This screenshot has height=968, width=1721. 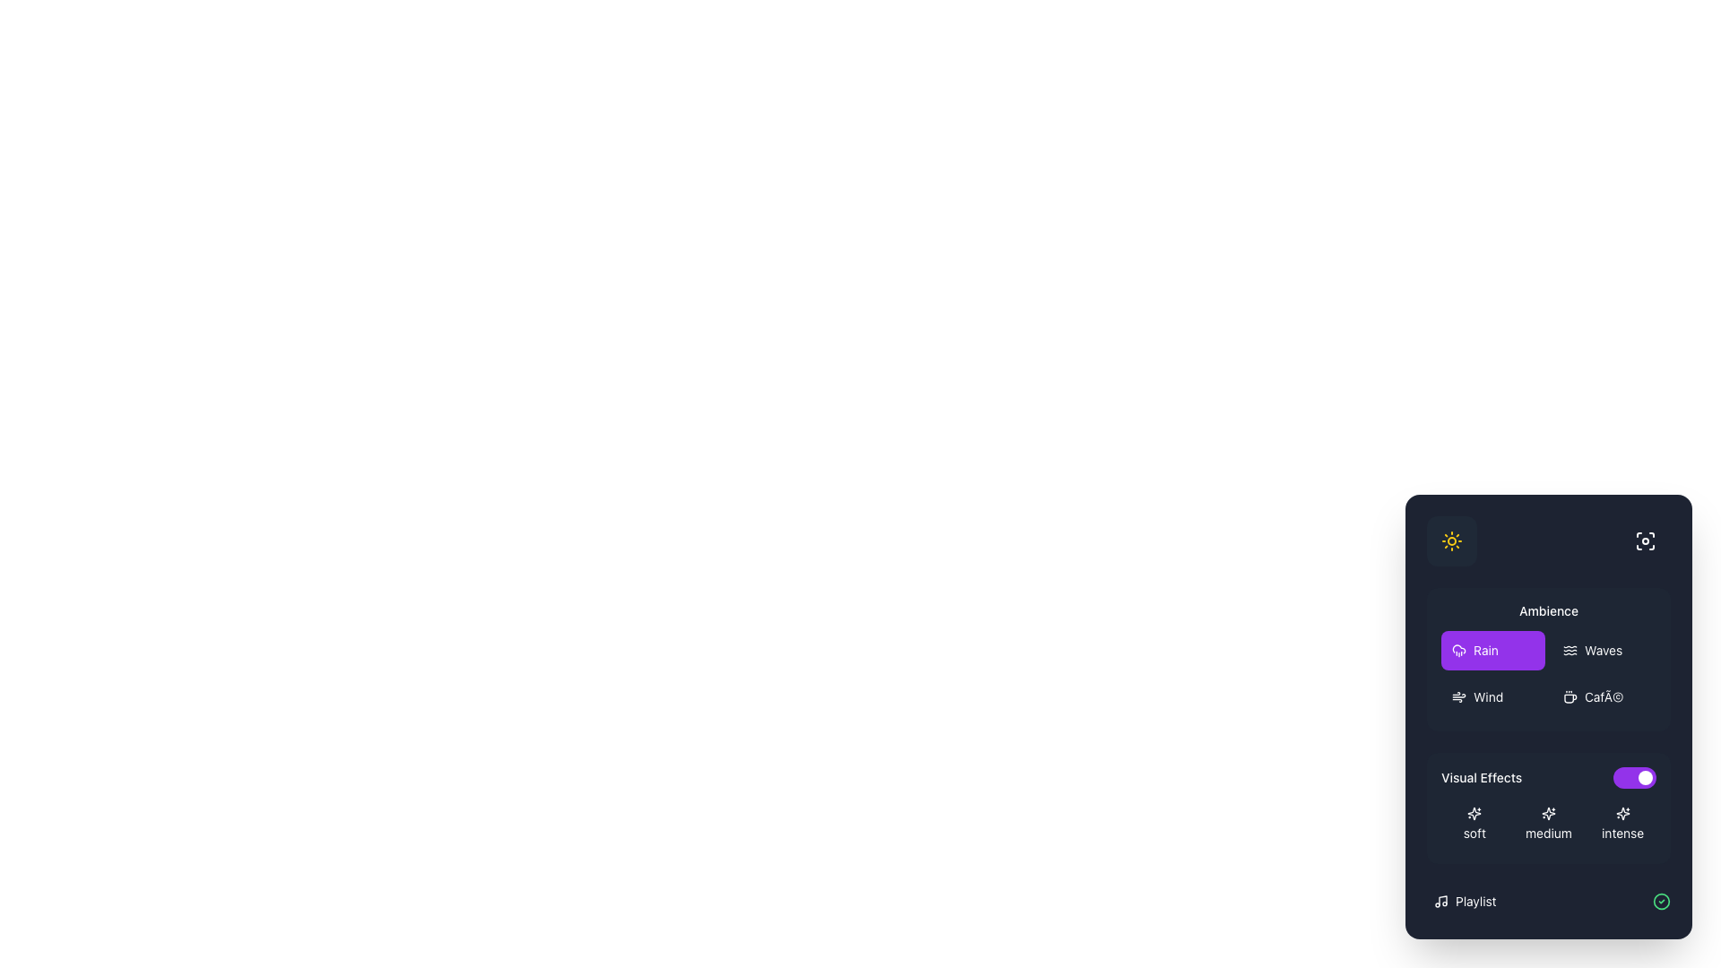 I want to click on the small decorative sparkles icon that is aligned with the 'soft' label in the Visual Effects section, so click(x=1475, y=813).